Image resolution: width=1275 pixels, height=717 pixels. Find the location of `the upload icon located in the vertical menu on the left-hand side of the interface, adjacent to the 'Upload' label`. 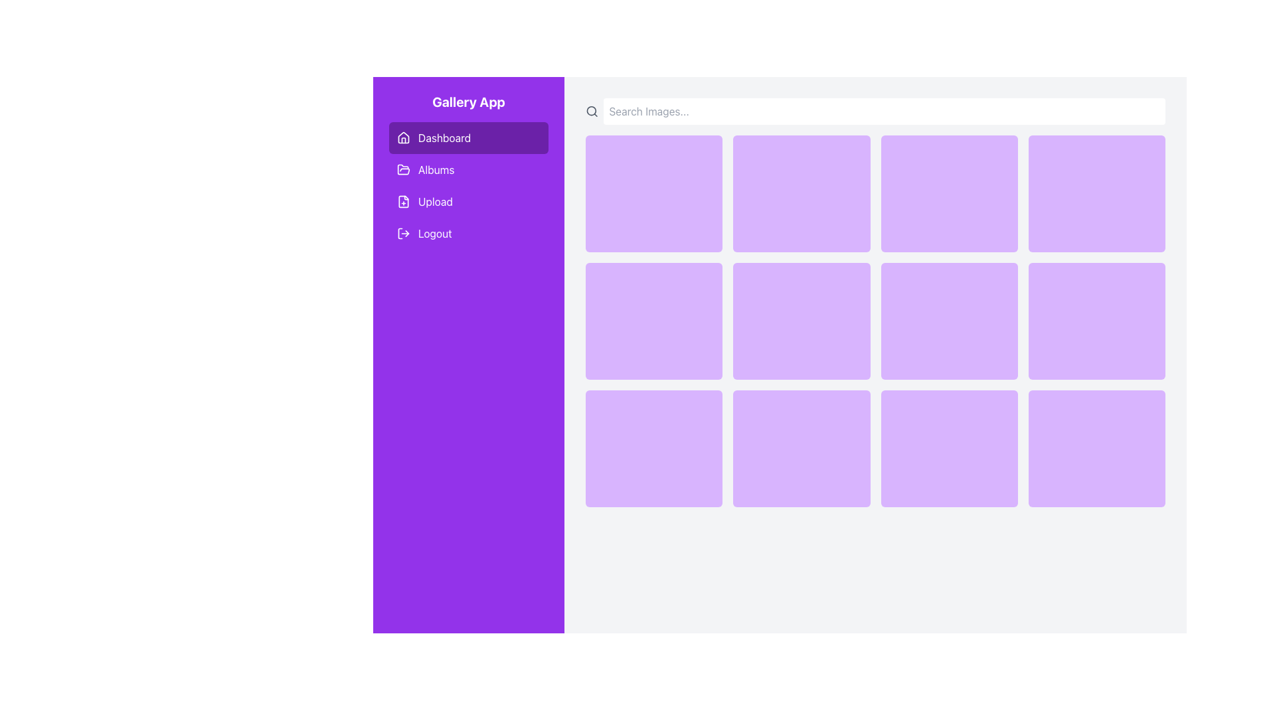

the upload icon located in the vertical menu on the left-hand side of the interface, adjacent to the 'Upload' label is located at coordinates (403, 202).